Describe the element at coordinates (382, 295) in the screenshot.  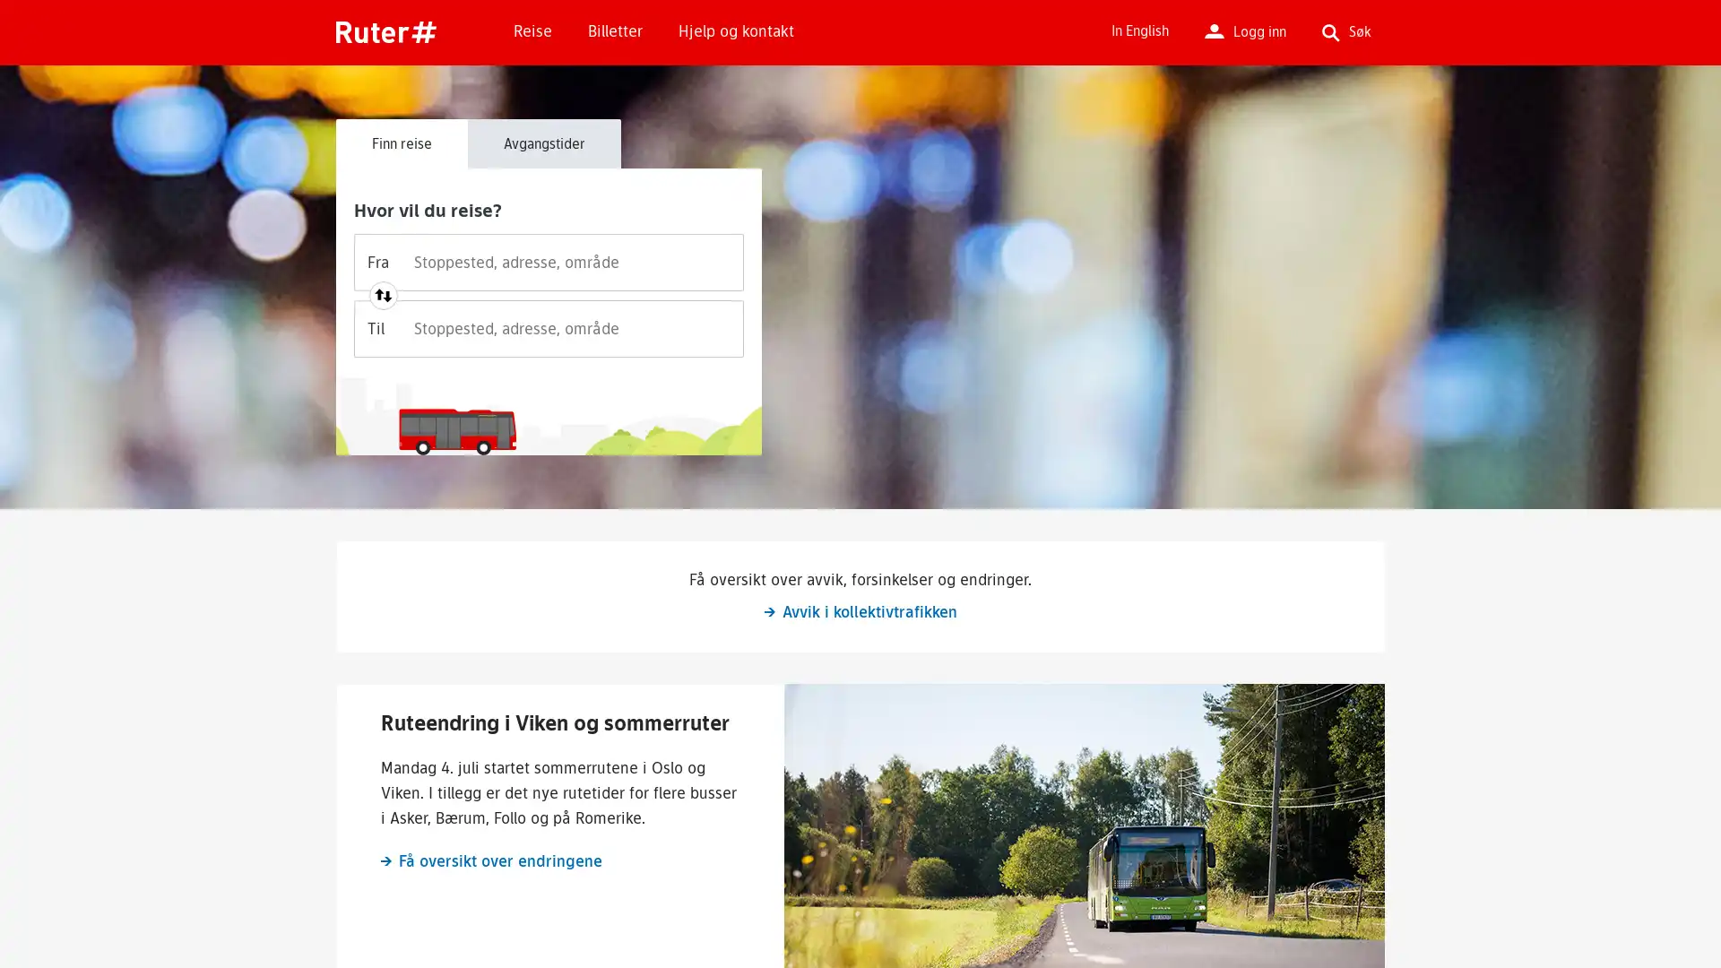
I see `Bytt fra og til` at that location.